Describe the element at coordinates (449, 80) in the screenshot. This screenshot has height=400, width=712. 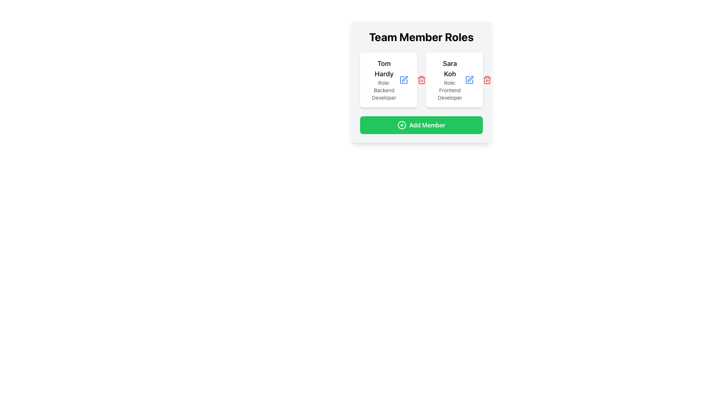
I see `text content displaying the name 'Sara Koh' and the role description 'Role: Frontend Developer' located in the second profile card from the left under 'Team Member Roles'` at that location.